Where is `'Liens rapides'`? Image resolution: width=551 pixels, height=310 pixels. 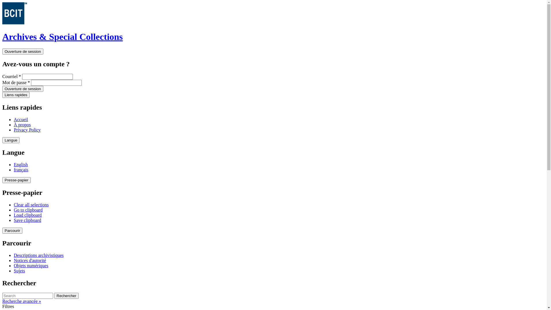
'Liens rapides' is located at coordinates (16, 94).